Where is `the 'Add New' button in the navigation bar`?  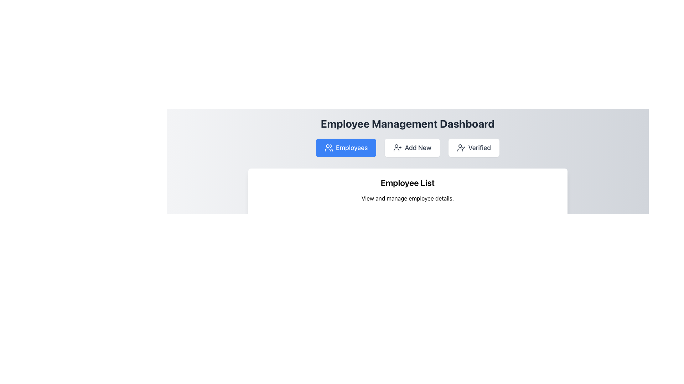
the 'Add New' button in the navigation bar is located at coordinates (408, 148).